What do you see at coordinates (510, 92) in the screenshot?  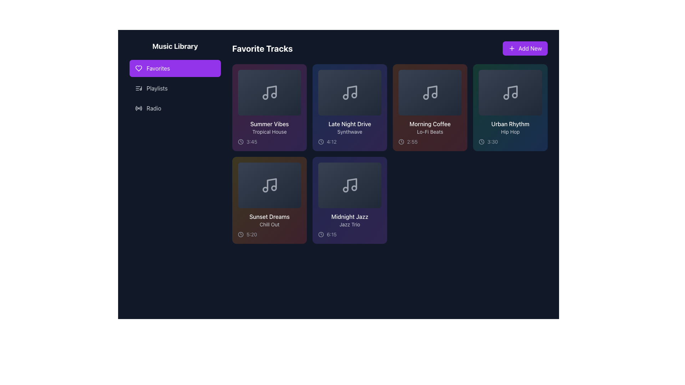 I see `the gray music note graphic icon located centrally within the 'Urban Rhythm' card in the last column of the upper row of music tracks` at bounding box center [510, 92].